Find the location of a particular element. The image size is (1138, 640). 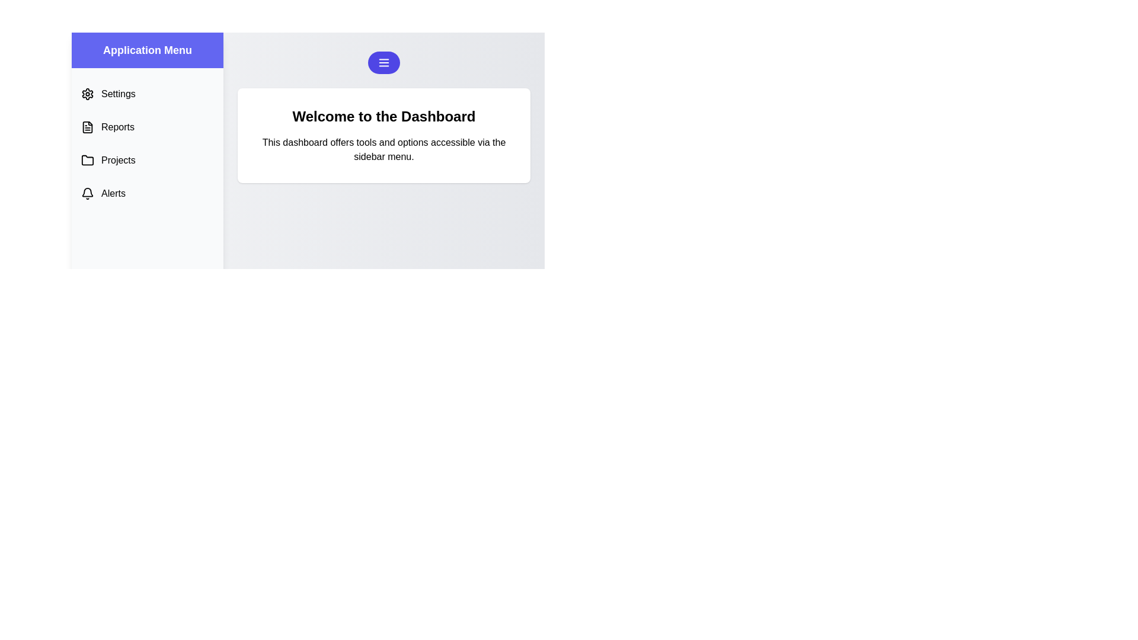

the menu option labeled 'Projects' to see its hover effect is located at coordinates (147, 160).